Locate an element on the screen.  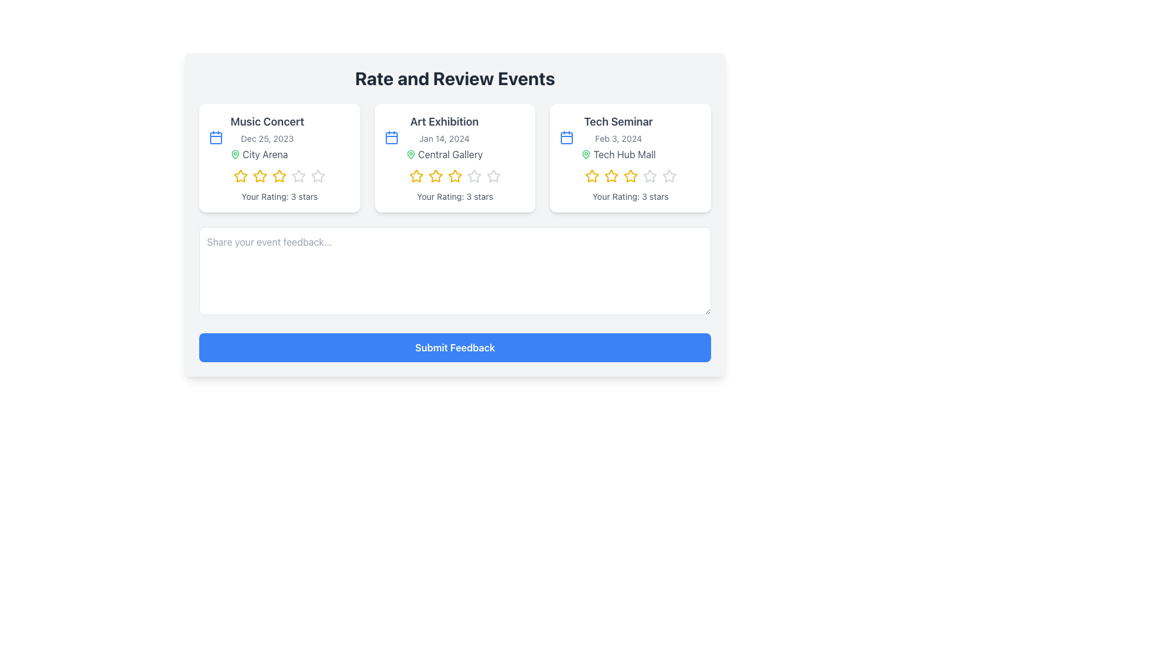
the central visual rectangle of the calendar icon representing the date for the 'Art Exhibition' event, located at the top-left corner of the event card is located at coordinates (391, 137).